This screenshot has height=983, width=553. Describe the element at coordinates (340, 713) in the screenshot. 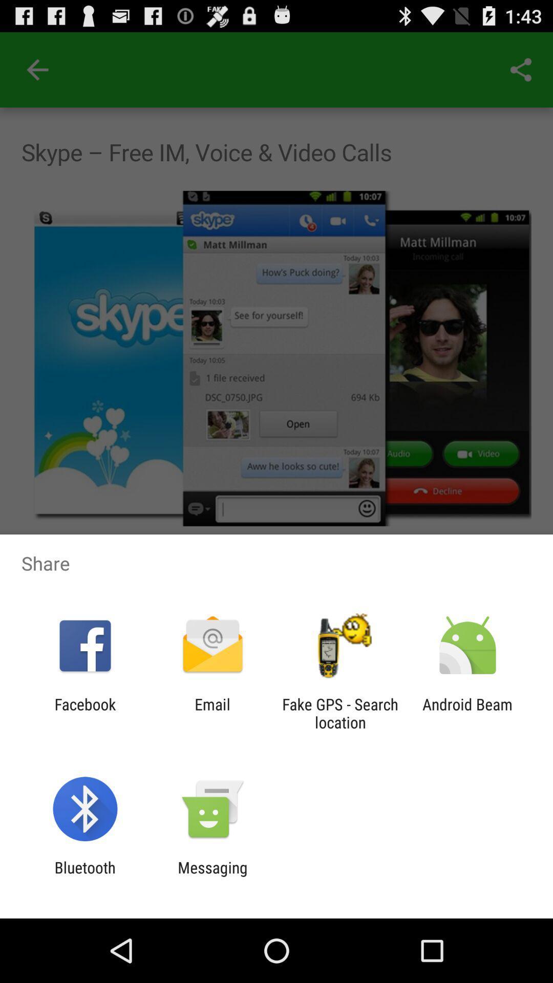

I see `the icon to the left of android beam app` at that location.